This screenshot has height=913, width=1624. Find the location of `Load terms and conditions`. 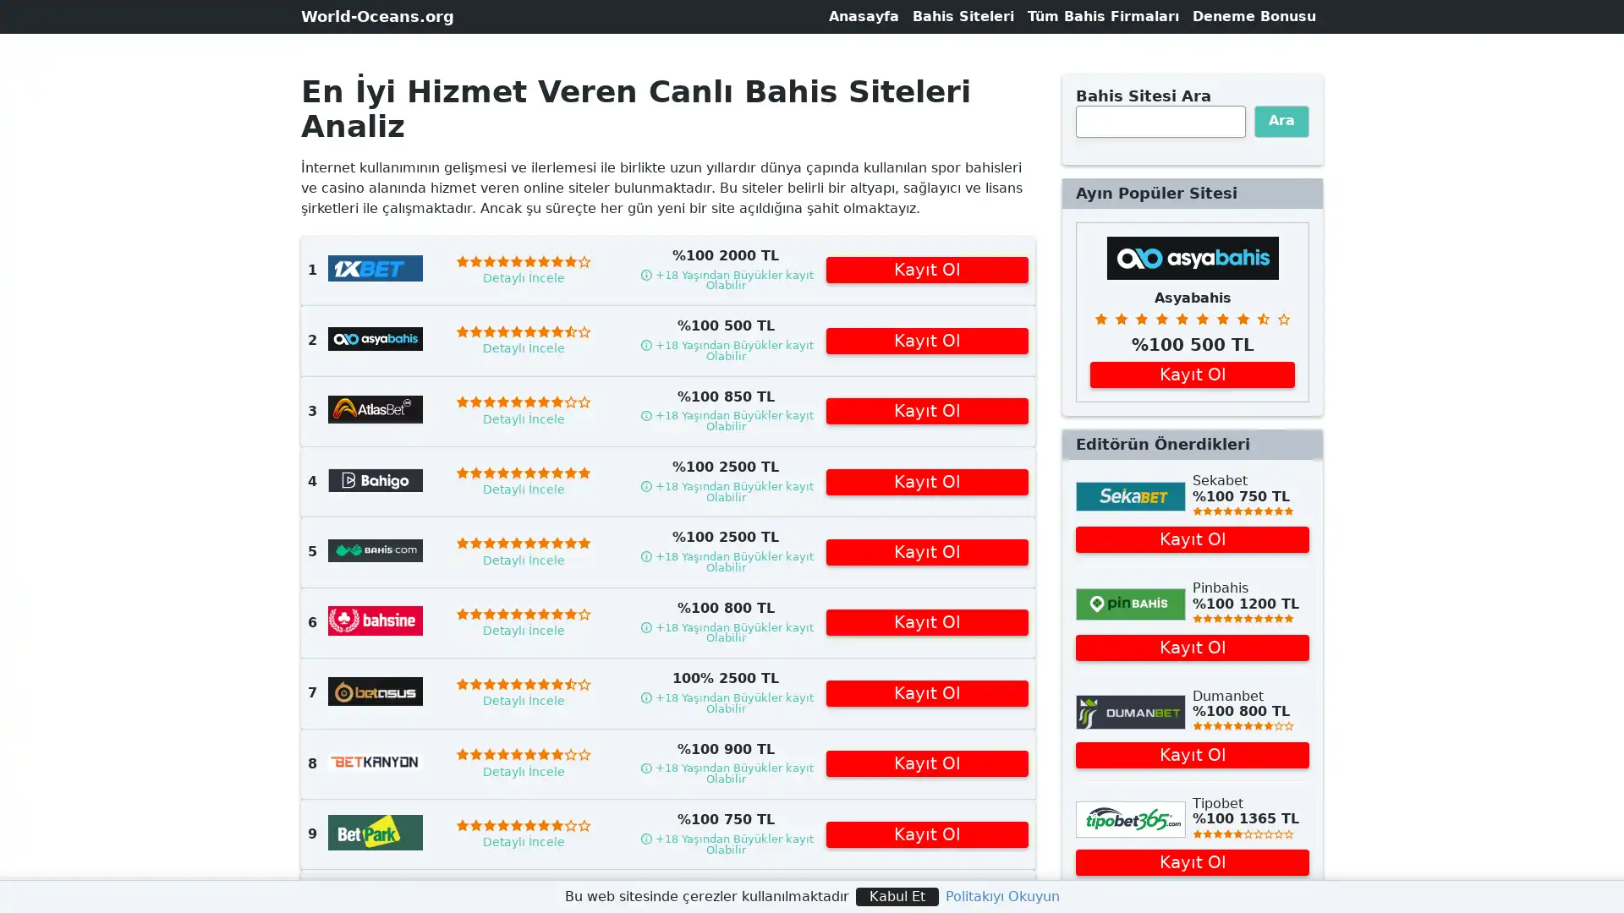

Load terms and conditions is located at coordinates (725, 348).